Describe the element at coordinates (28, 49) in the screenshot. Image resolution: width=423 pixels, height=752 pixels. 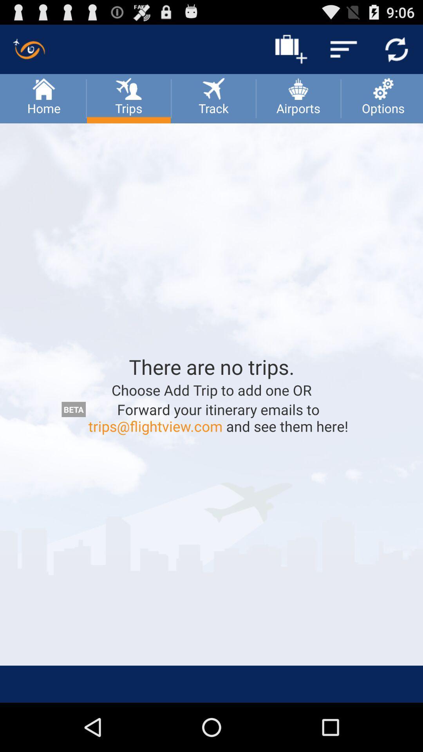
I see `the symbol which is above the home` at that location.